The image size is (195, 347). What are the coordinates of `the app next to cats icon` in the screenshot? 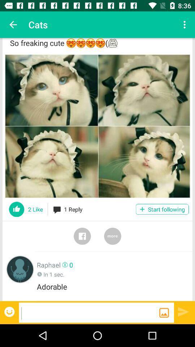 It's located at (185, 25).